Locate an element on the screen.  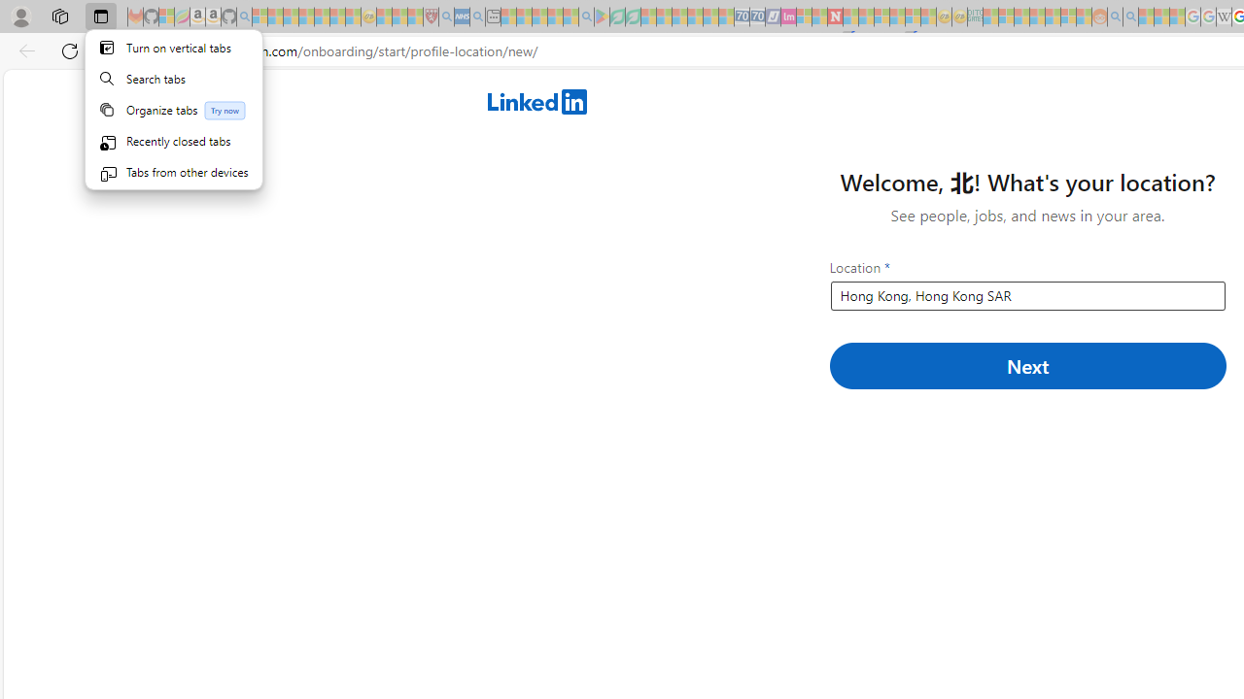
'Turn on vertical tabs' is located at coordinates (174, 46).